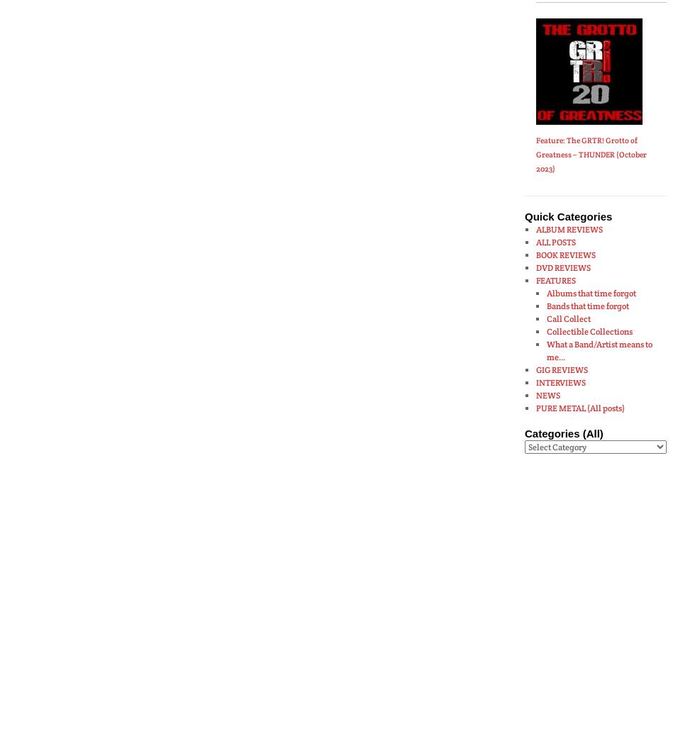 The height and width of the screenshot is (736, 695). What do you see at coordinates (589, 330) in the screenshot?
I see `'Collectible Collections'` at bounding box center [589, 330].